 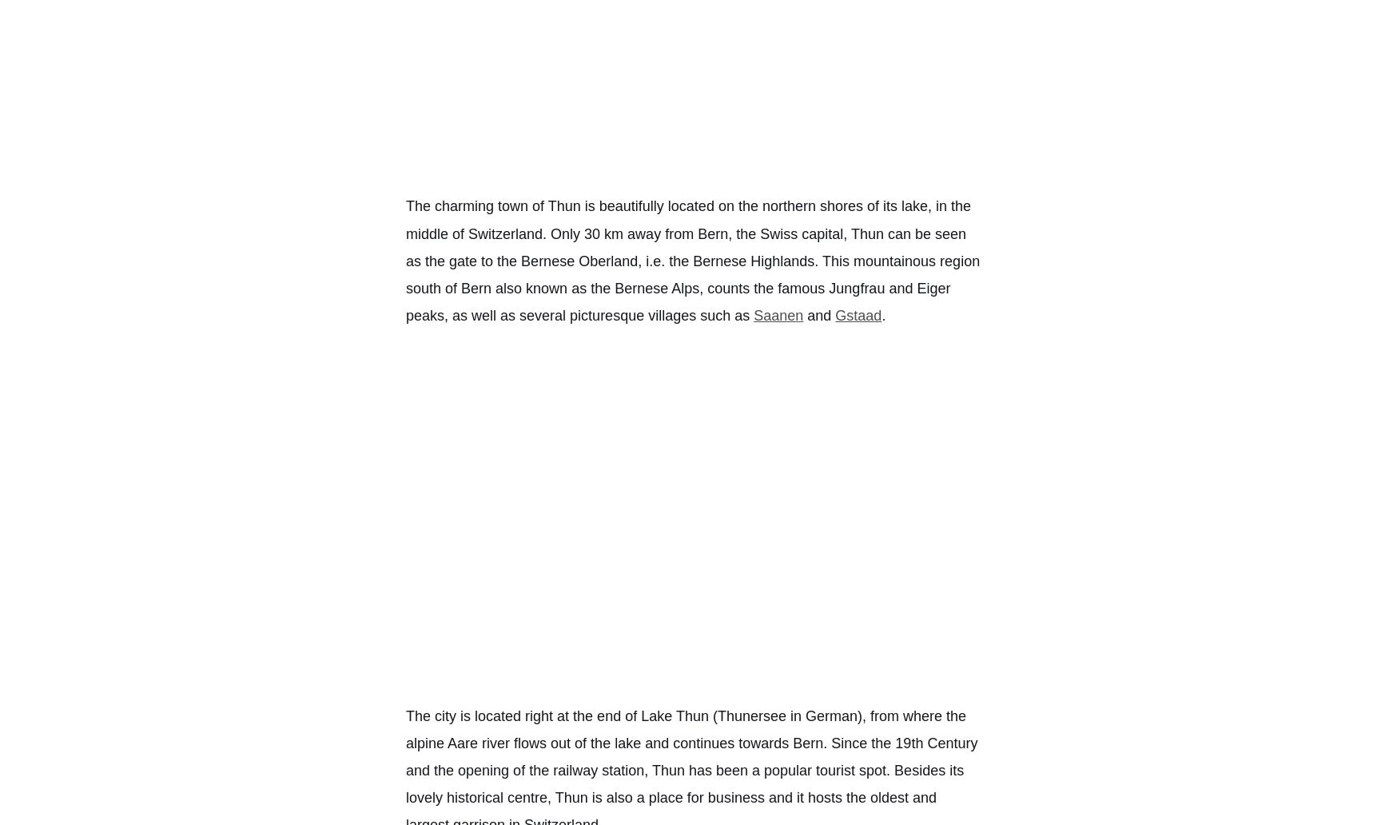 I want to click on '. This mountainous region south of', so click(x=406, y=274).